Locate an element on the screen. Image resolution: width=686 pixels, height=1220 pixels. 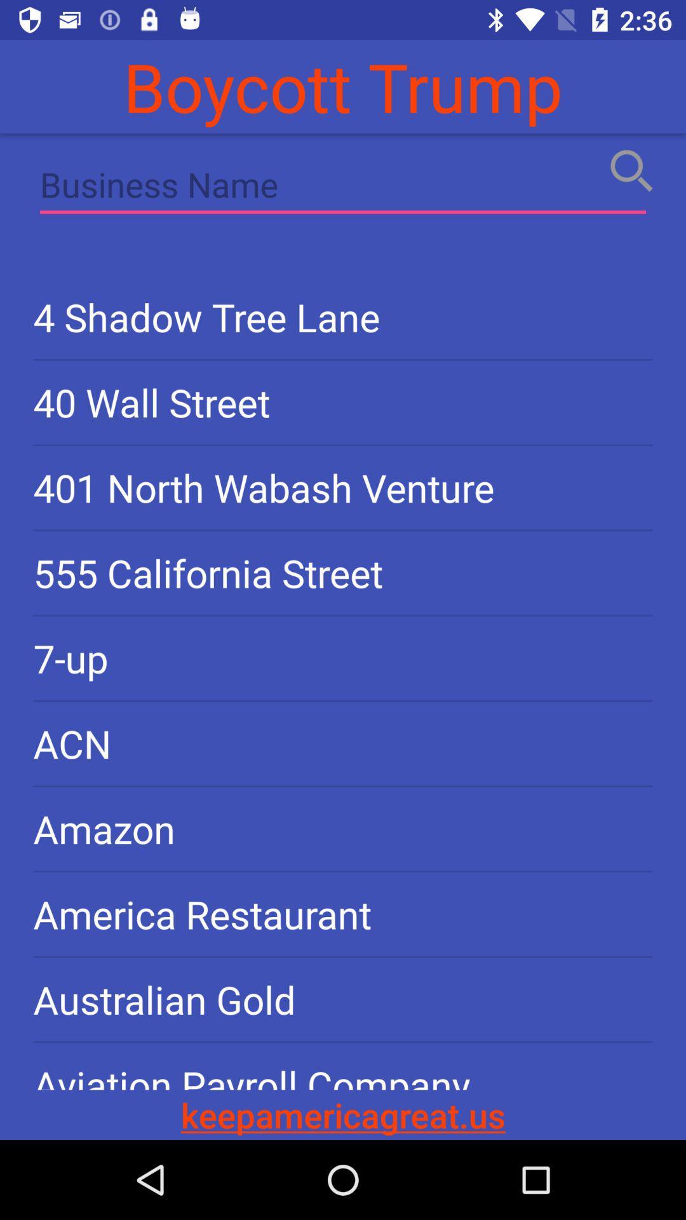
icon above the acn icon is located at coordinates (343, 658).